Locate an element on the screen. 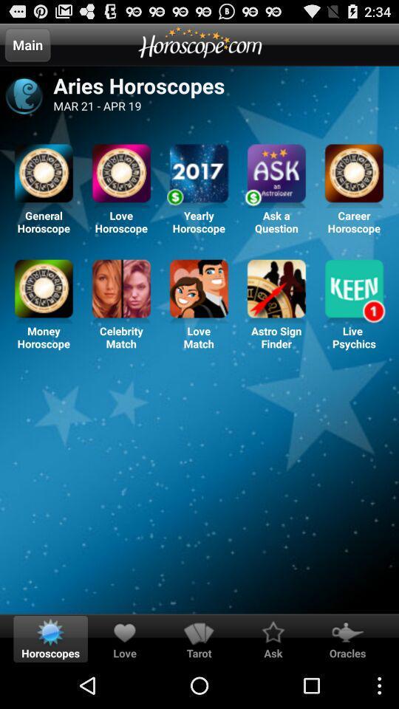 This screenshot has width=399, height=709. general horoscope option is located at coordinates (44, 176).